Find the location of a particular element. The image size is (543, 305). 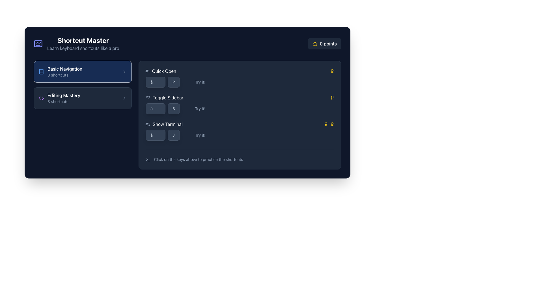

the small, rounded rectangular button with a dark slate background and the symbol '⌘' centered in the keyboard shortcut section titled 'Show Terminal' is located at coordinates (155, 135).